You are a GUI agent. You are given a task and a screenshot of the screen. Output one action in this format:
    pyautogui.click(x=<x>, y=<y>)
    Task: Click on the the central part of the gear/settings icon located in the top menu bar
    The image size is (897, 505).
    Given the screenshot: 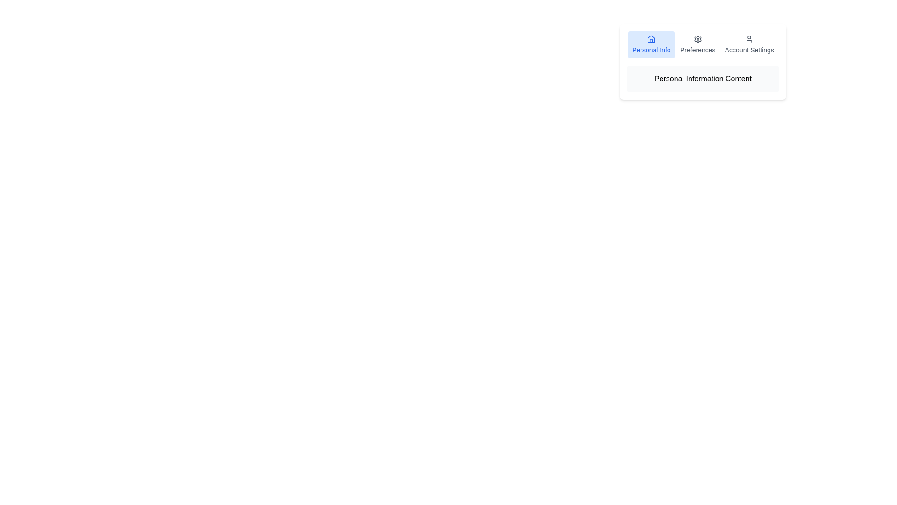 What is the action you would take?
    pyautogui.click(x=698, y=39)
    